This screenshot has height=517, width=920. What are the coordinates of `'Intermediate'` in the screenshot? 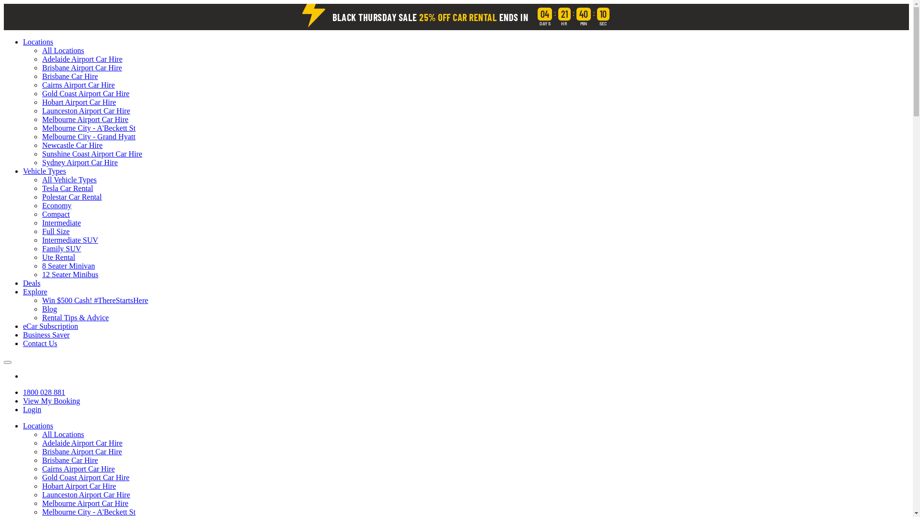 It's located at (61, 223).